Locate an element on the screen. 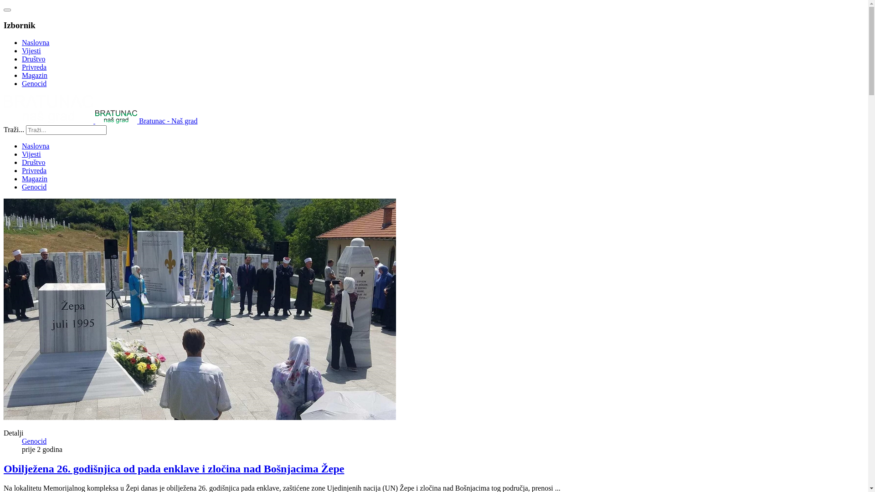 This screenshot has height=492, width=875. 'Vijesti' is located at coordinates (22, 154).